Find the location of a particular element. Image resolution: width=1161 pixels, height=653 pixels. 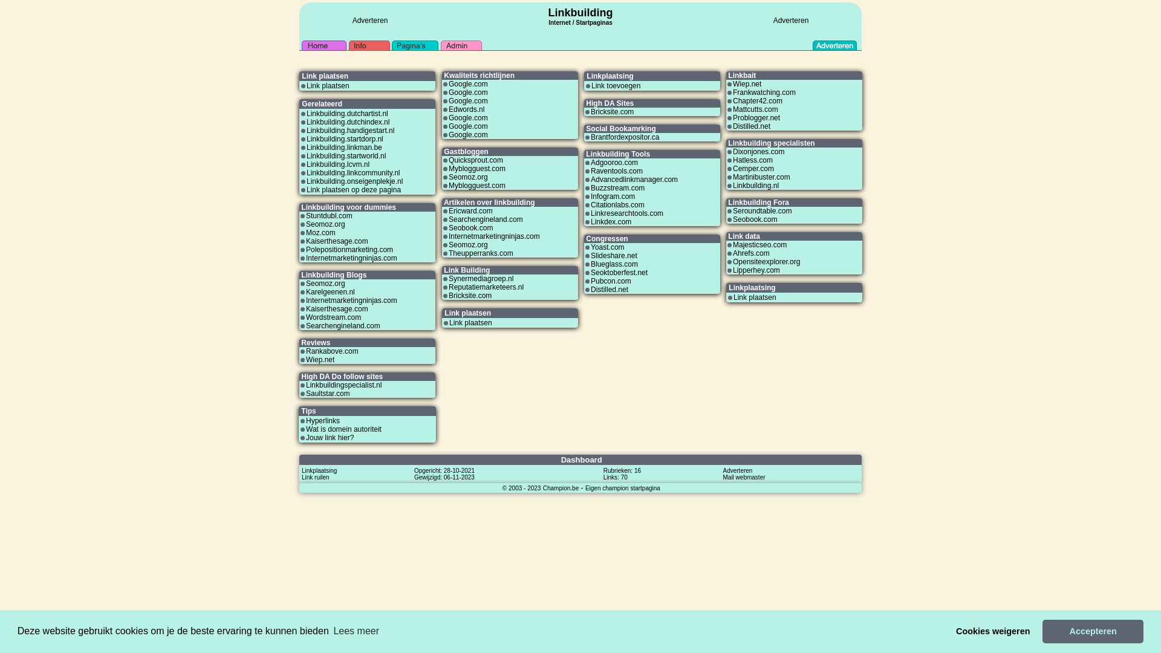

'Ericward.com' is located at coordinates (470, 210).